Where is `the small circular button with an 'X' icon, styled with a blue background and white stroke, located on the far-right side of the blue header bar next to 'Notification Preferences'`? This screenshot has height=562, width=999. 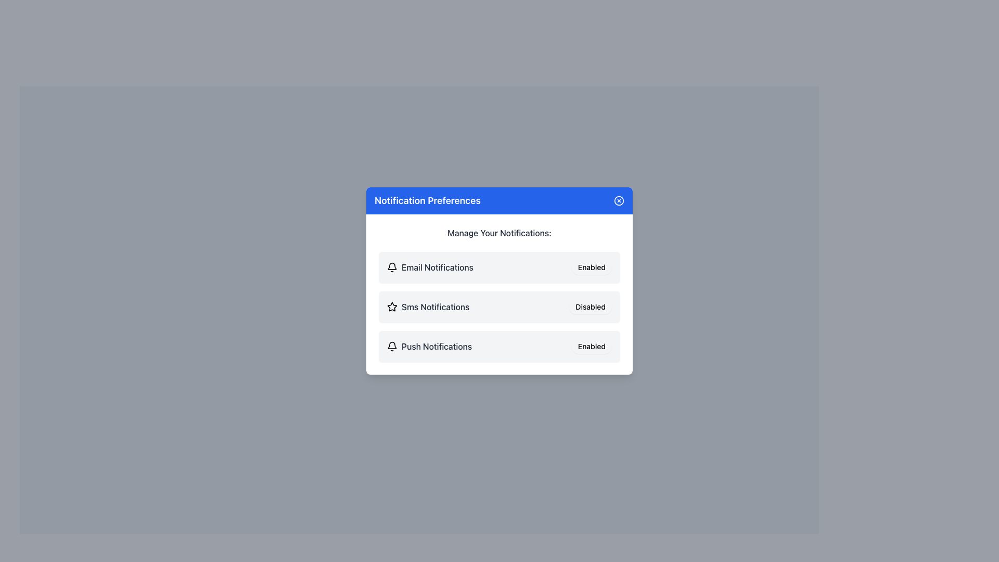 the small circular button with an 'X' icon, styled with a blue background and white stroke, located on the far-right side of the blue header bar next to 'Notification Preferences' is located at coordinates (619, 200).